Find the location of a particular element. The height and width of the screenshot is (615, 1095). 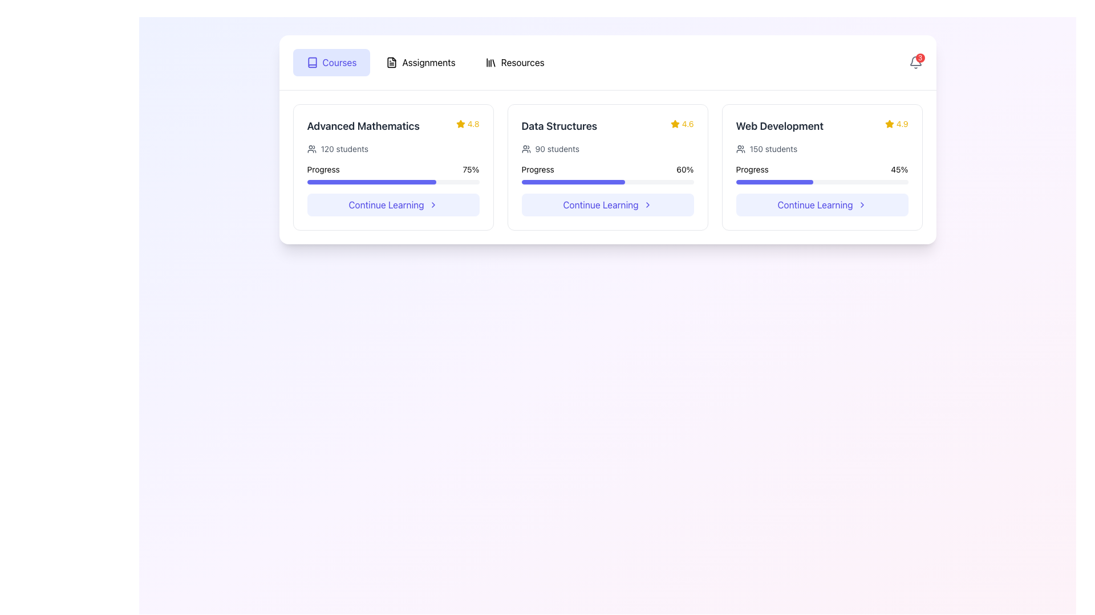

the Information Display Component that shows the progress of the Web Development course, located centrally within the third card of the course row is located at coordinates (822, 164).